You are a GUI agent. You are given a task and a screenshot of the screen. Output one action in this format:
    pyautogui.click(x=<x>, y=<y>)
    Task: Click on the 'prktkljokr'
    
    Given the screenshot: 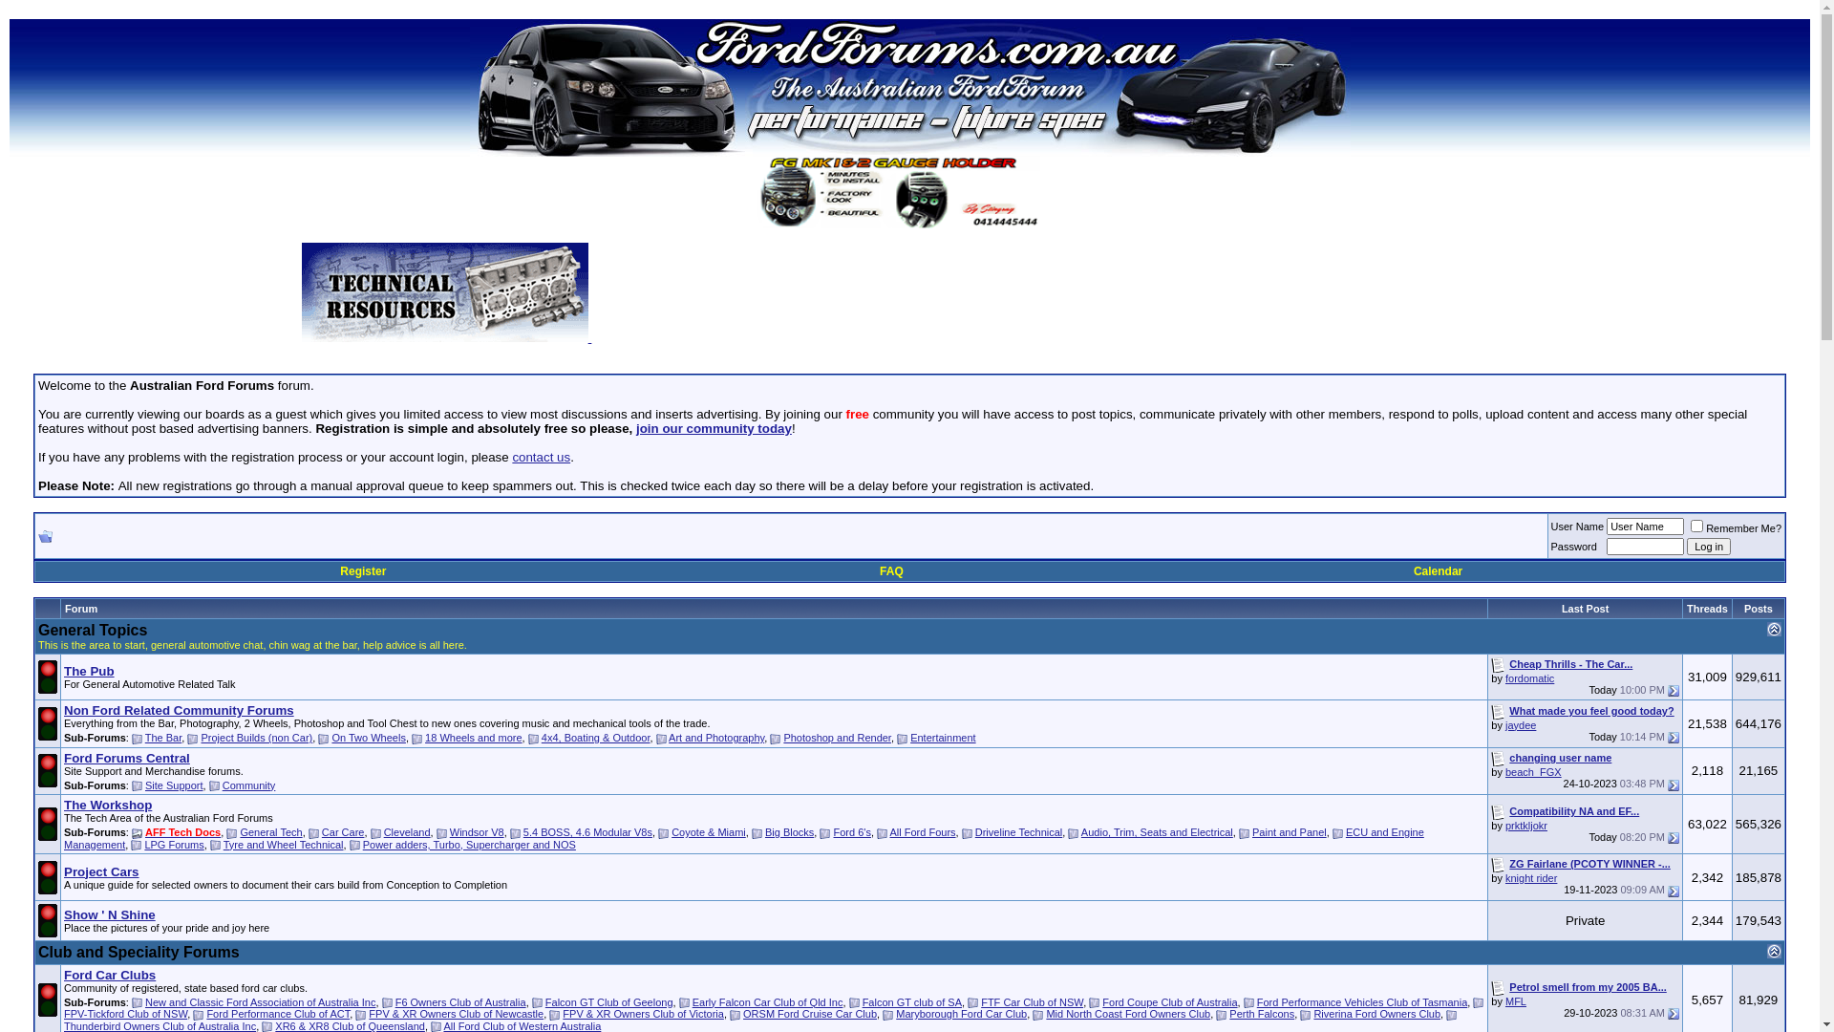 What is the action you would take?
    pyautogui.click(x=1525, y=825)
    